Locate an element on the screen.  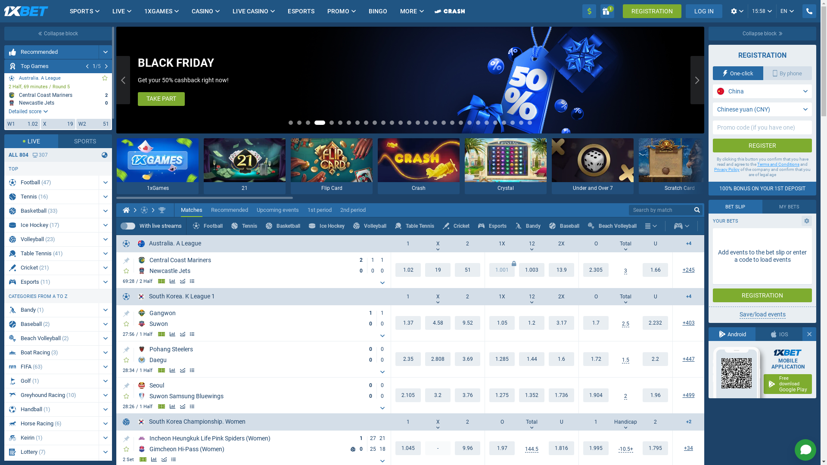
'1.2' is located at coordinates (531, 322).